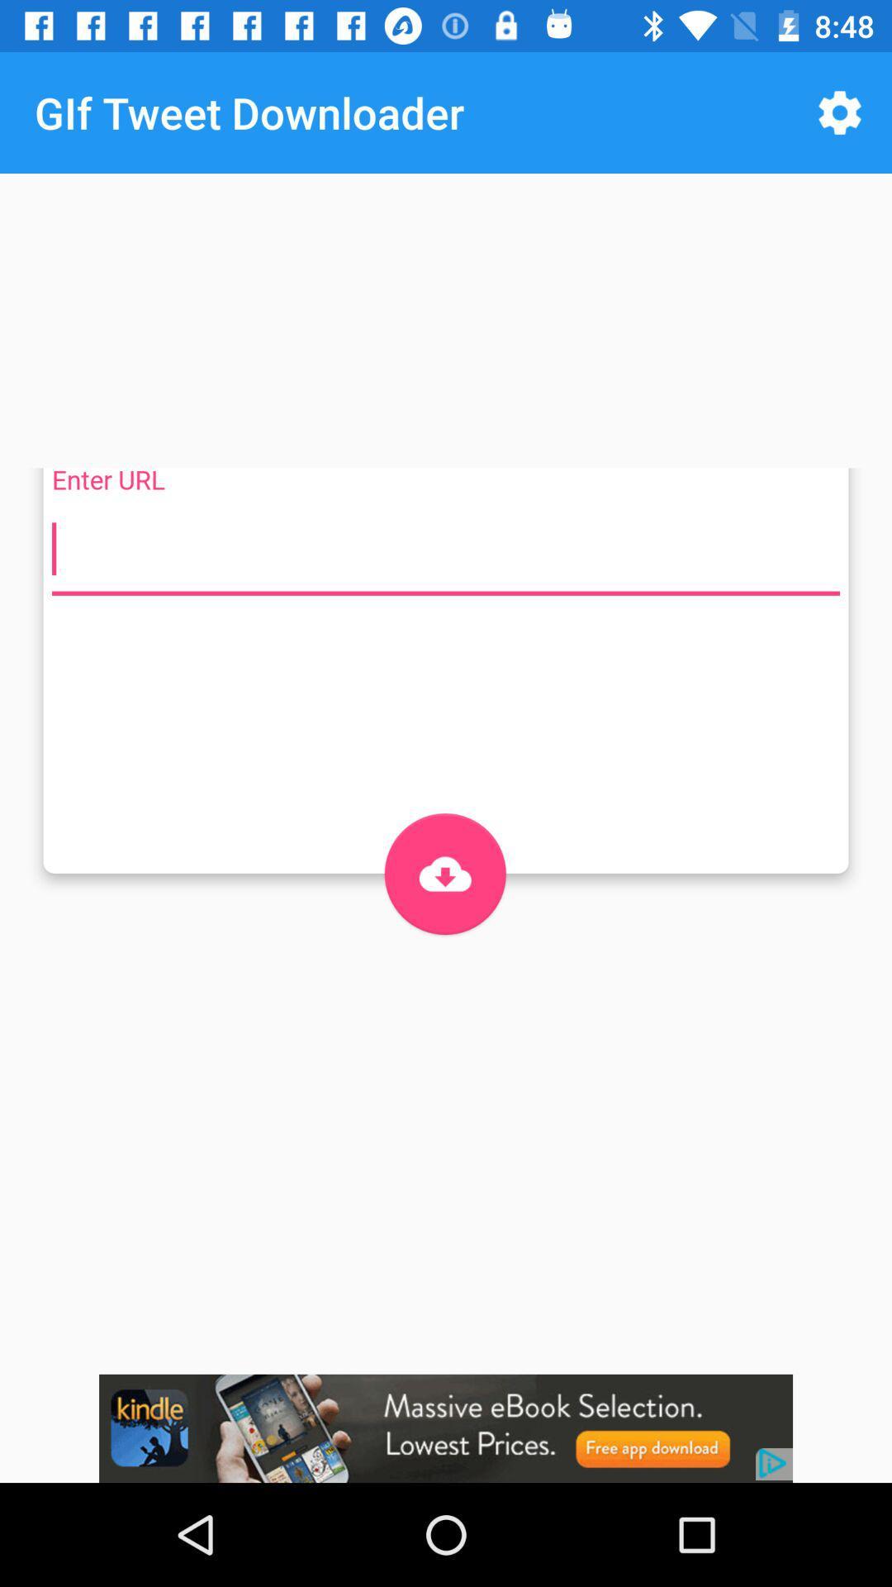  Describe the element at coordinates (444, 873) in the screenshot. I see `download` at that location.